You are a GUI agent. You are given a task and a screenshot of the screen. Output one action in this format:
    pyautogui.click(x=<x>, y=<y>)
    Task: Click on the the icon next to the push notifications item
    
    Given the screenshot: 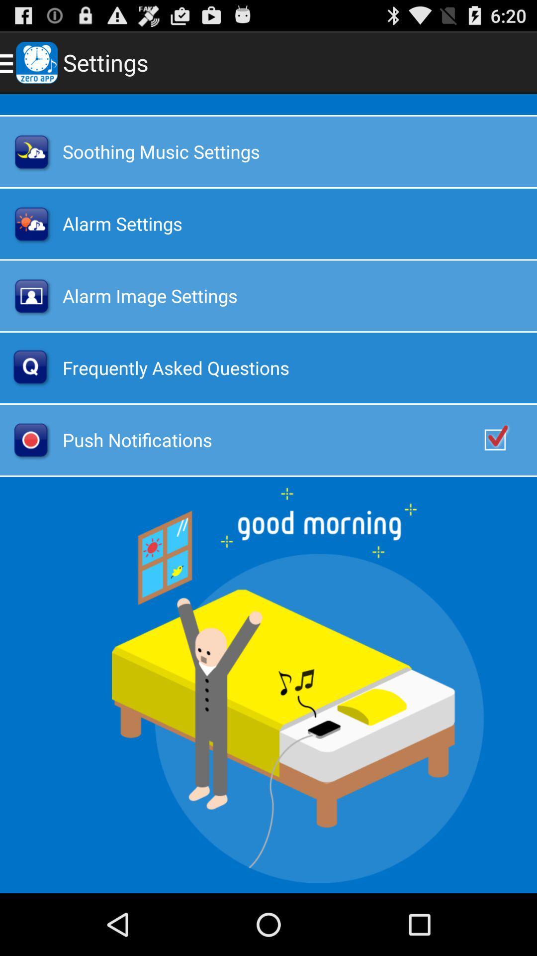 What is the action you would take?
    pyautogui.click(x=506, y=439)
    